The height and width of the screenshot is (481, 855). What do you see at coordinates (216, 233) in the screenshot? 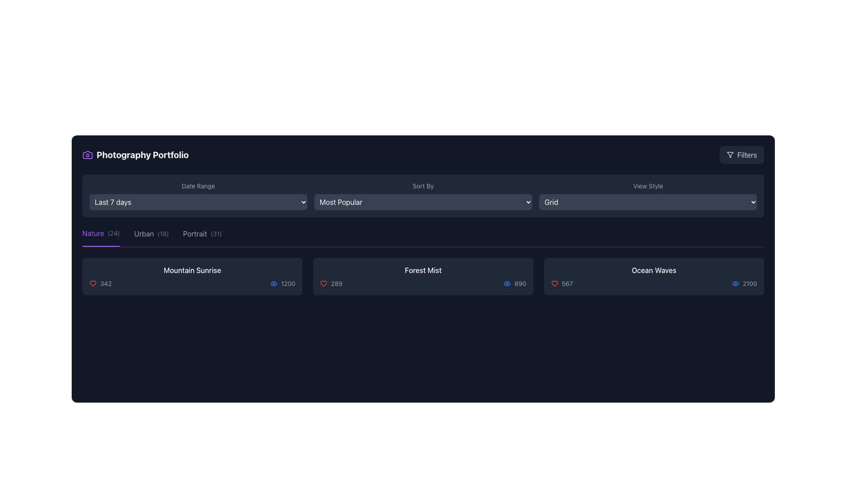
I see `the Text label that indicates the number of items available in the 'Portrait' category, located to the right of the 'Portrait' label` at bounding box center [216, 233].